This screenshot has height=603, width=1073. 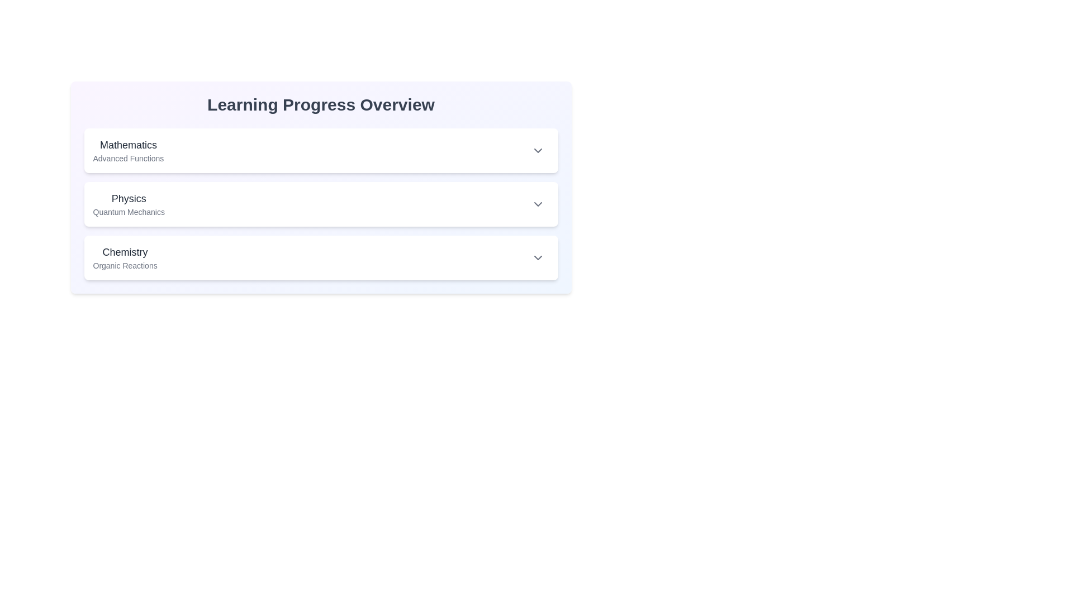 What do you see at coordinates (125, 258) in the screenshot?
I see `the text block containing the title 'Chemistry' and subtitle 'Organic Reactions', which is the first text content in the third section of learning topics` at bounding box center [125, 258].